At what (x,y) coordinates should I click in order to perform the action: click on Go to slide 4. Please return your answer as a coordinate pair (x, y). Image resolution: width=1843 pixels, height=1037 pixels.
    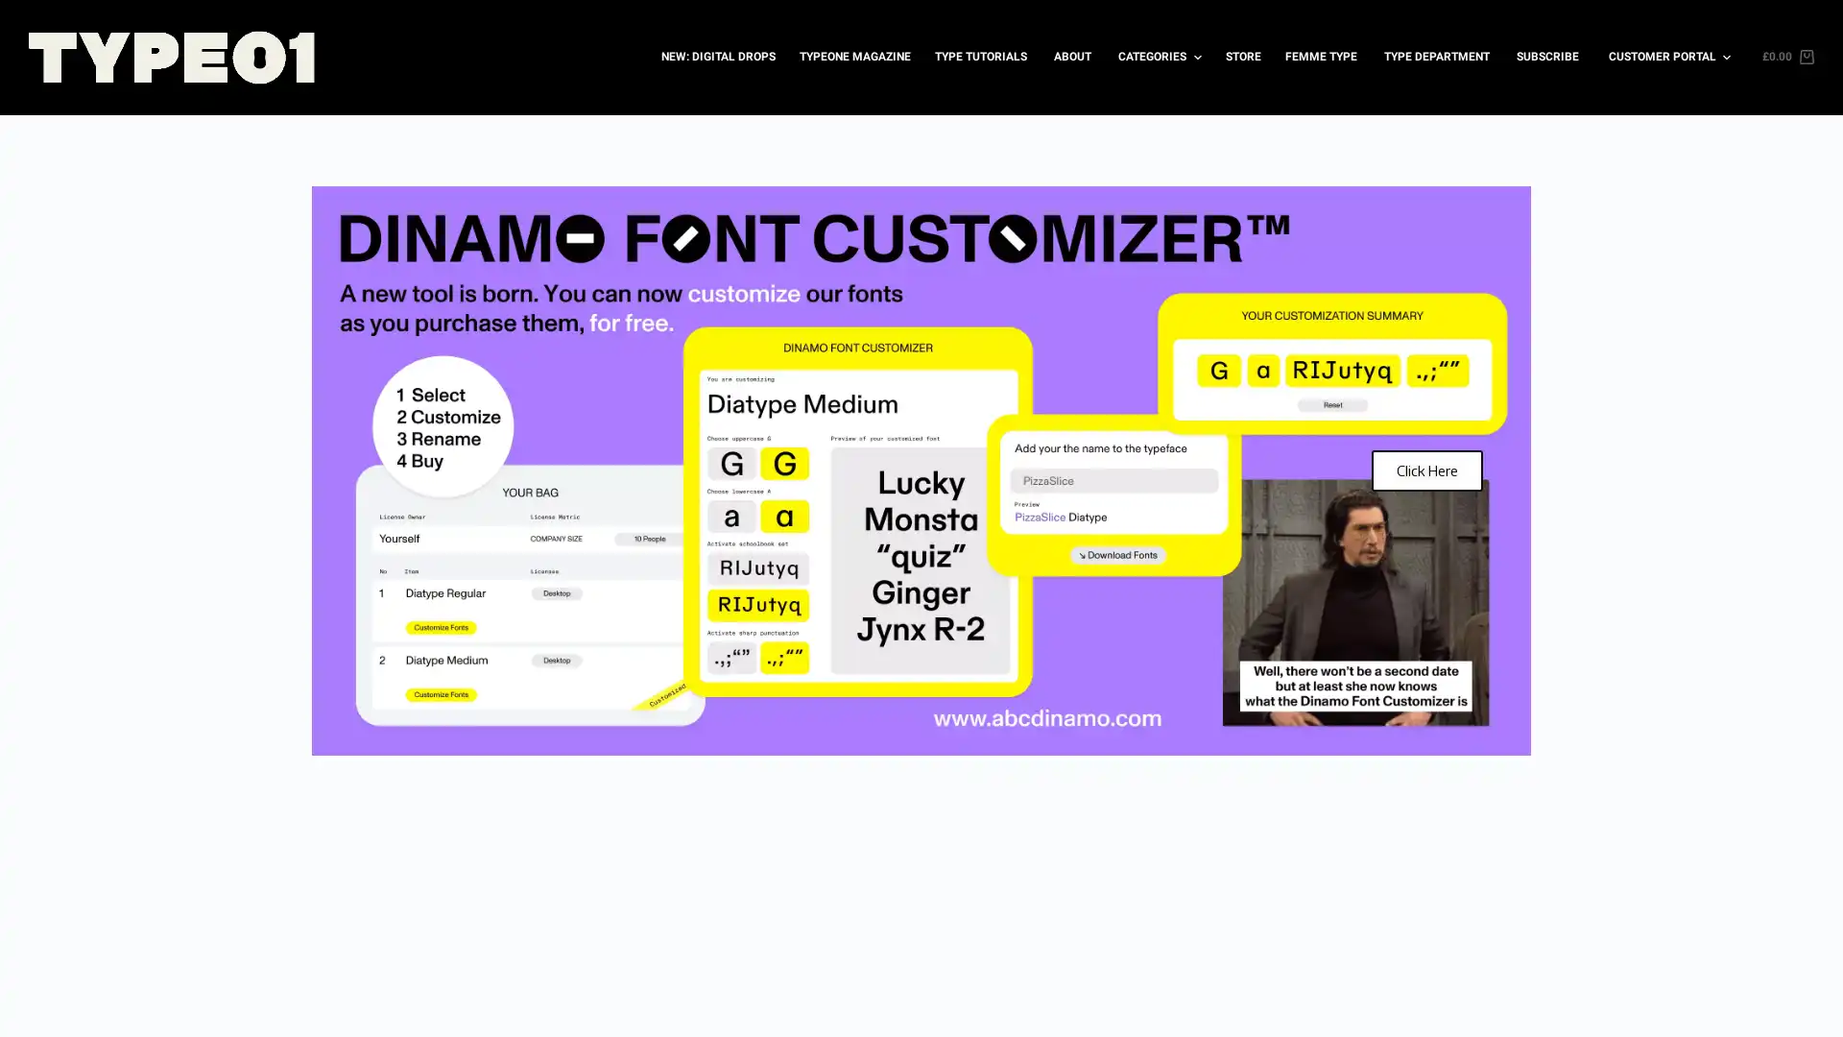
    Looking at the image, I should click on (947, 740).